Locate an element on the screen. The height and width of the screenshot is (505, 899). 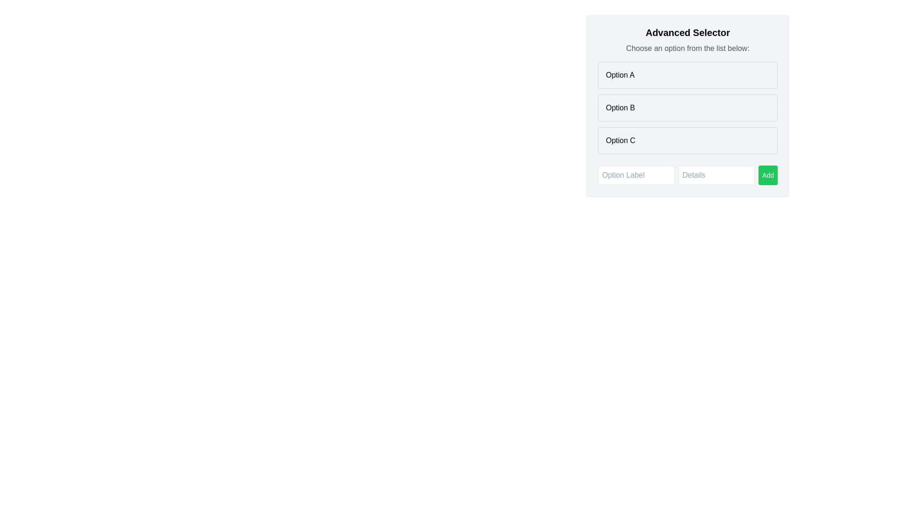
the static instructional text element located below the 'Advanced Selector' text, centrally aligned in the view is located at coordinates (687, 49).